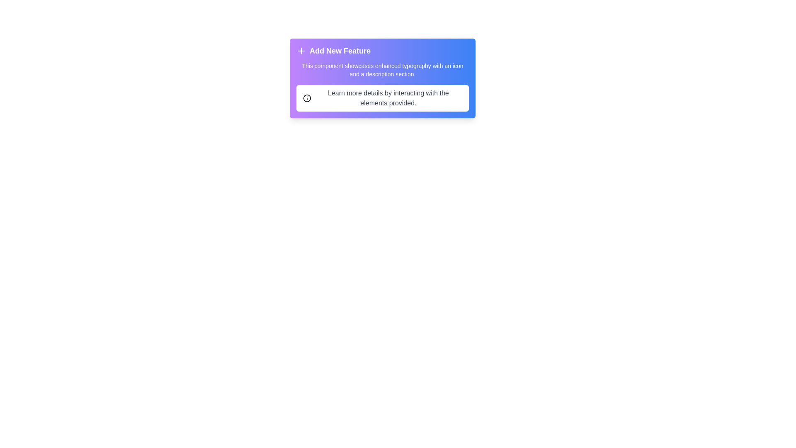 This screenshot has width=796, height=448. I want to click on the SVG circle icon located to the left of the descriptive text within the card-like component, so click(306, 97).